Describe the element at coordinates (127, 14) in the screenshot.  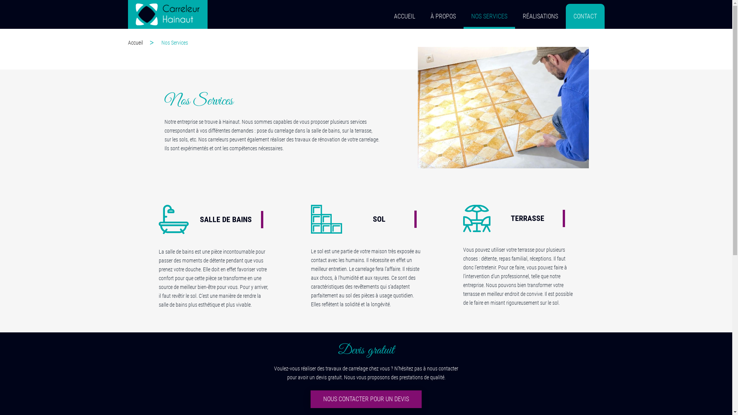
I see `'Carreleur'` at that location.